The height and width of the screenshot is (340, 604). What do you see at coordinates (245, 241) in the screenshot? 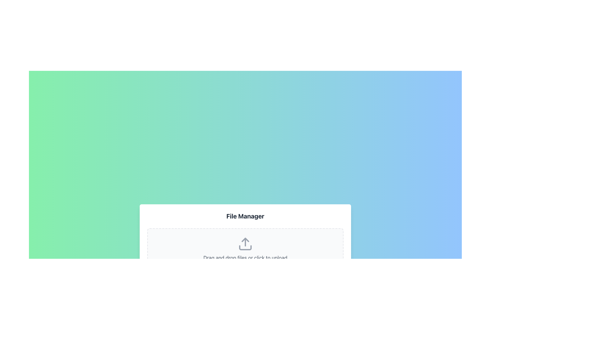
I see `the 'File Manager' upload interface component` at bounding box center [245, 241].